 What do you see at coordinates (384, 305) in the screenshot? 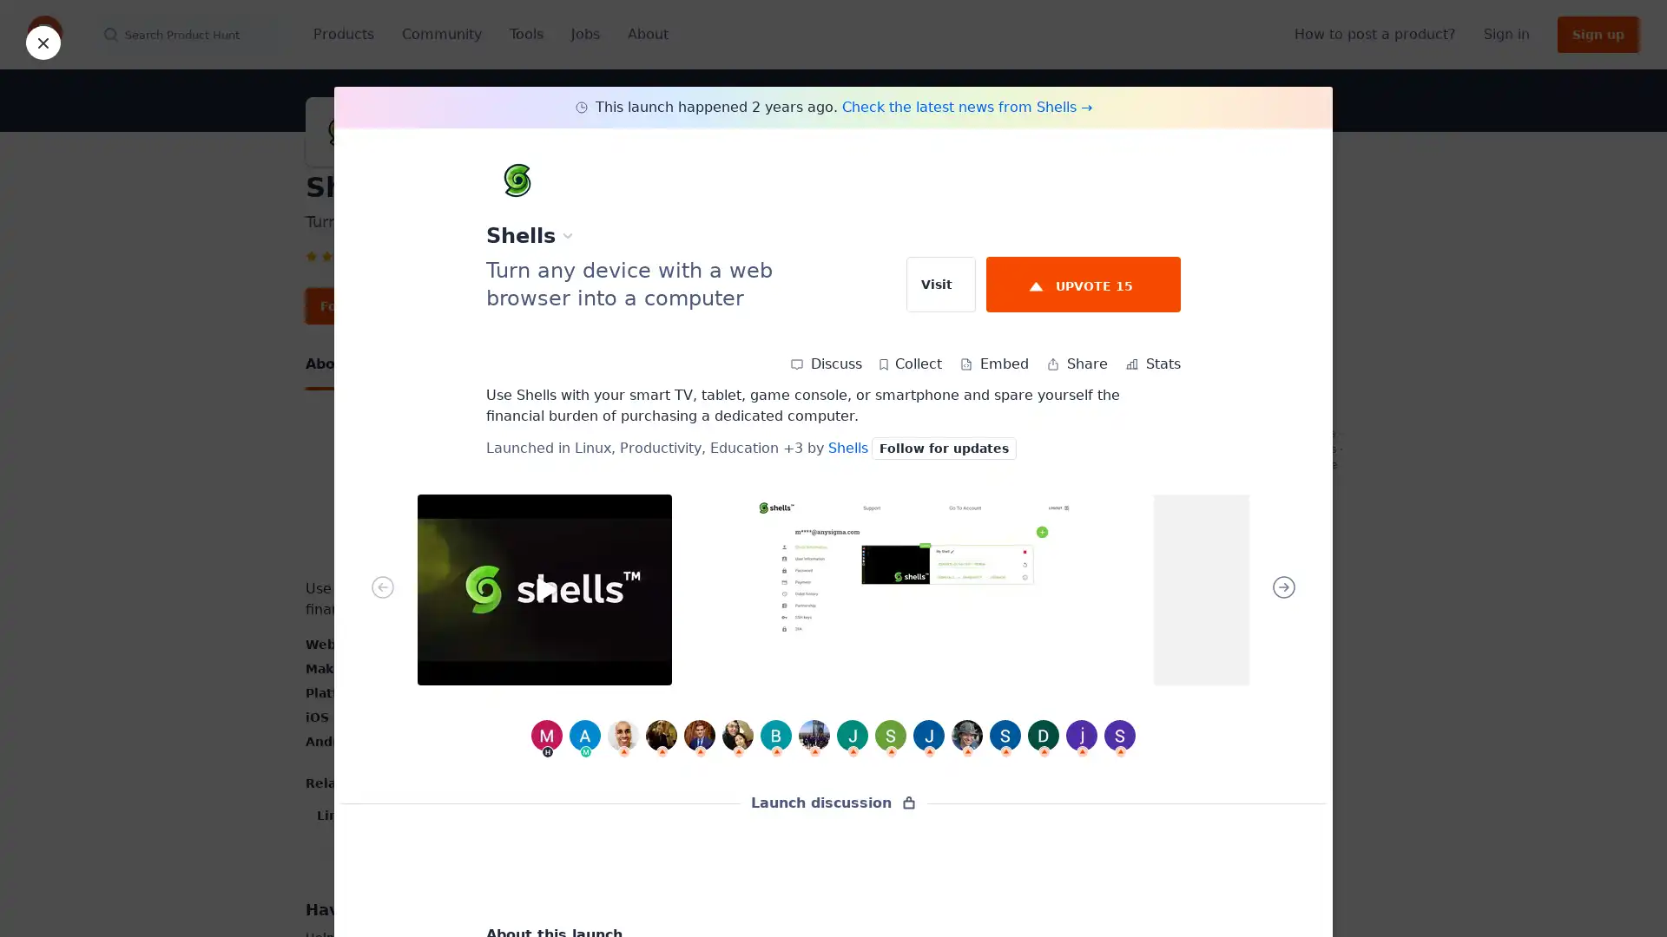
I see `Follow for updates` at bounding box center [384, 305].